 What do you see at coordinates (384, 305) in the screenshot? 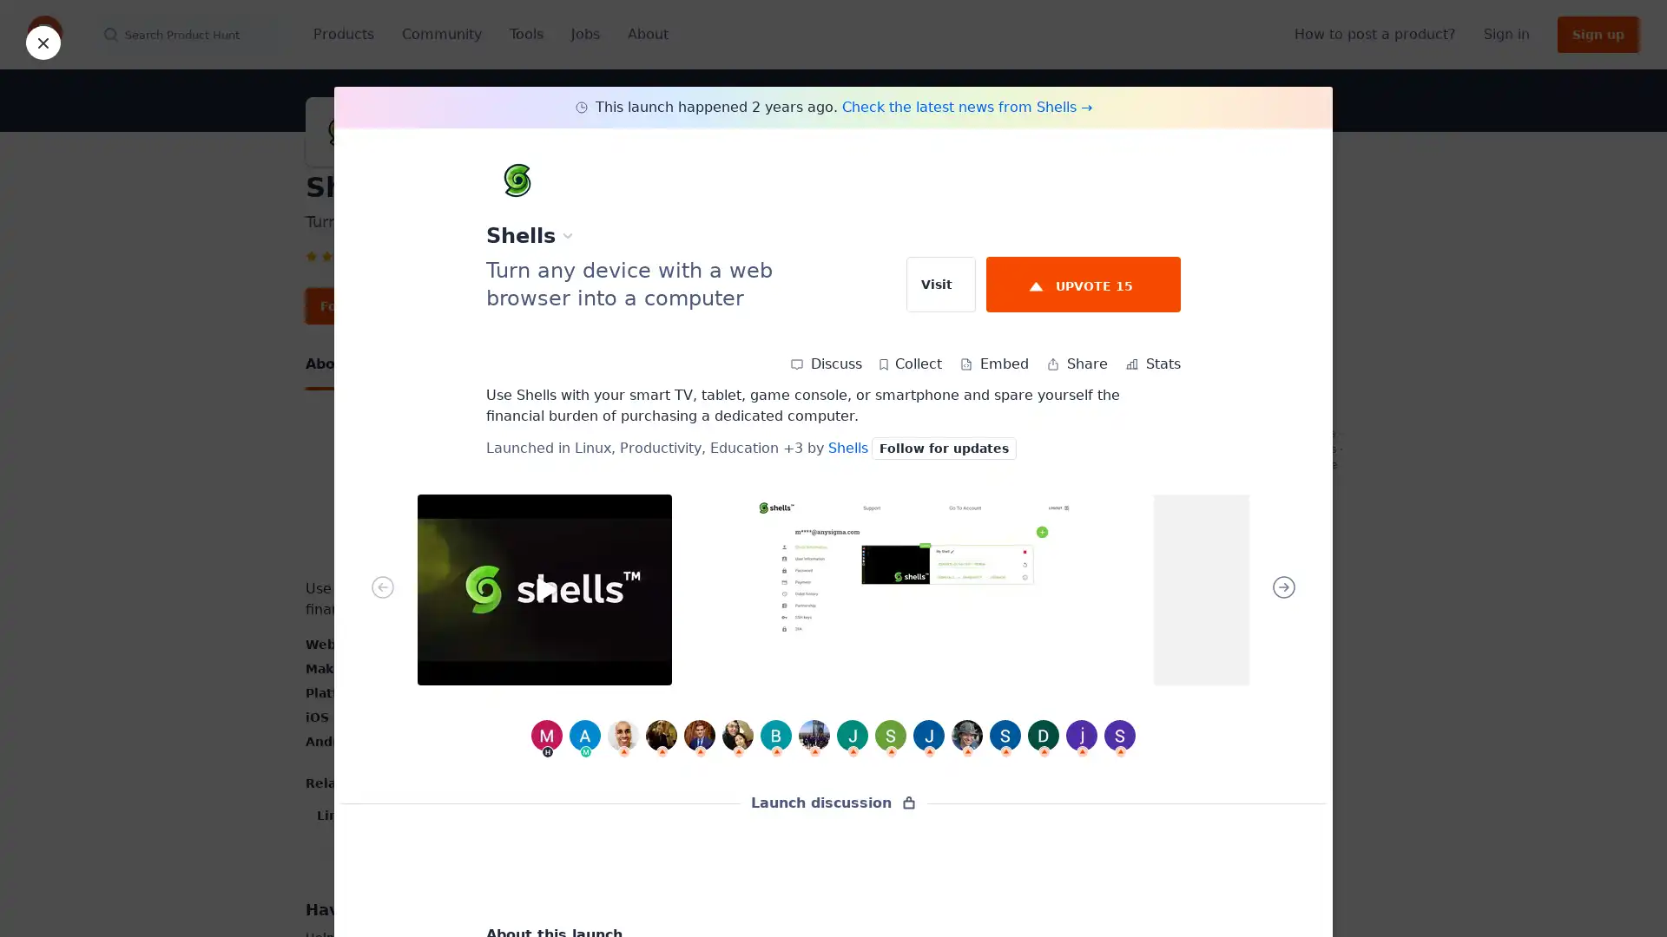
I see `Follow for updates` at bounding box center [384, 305].